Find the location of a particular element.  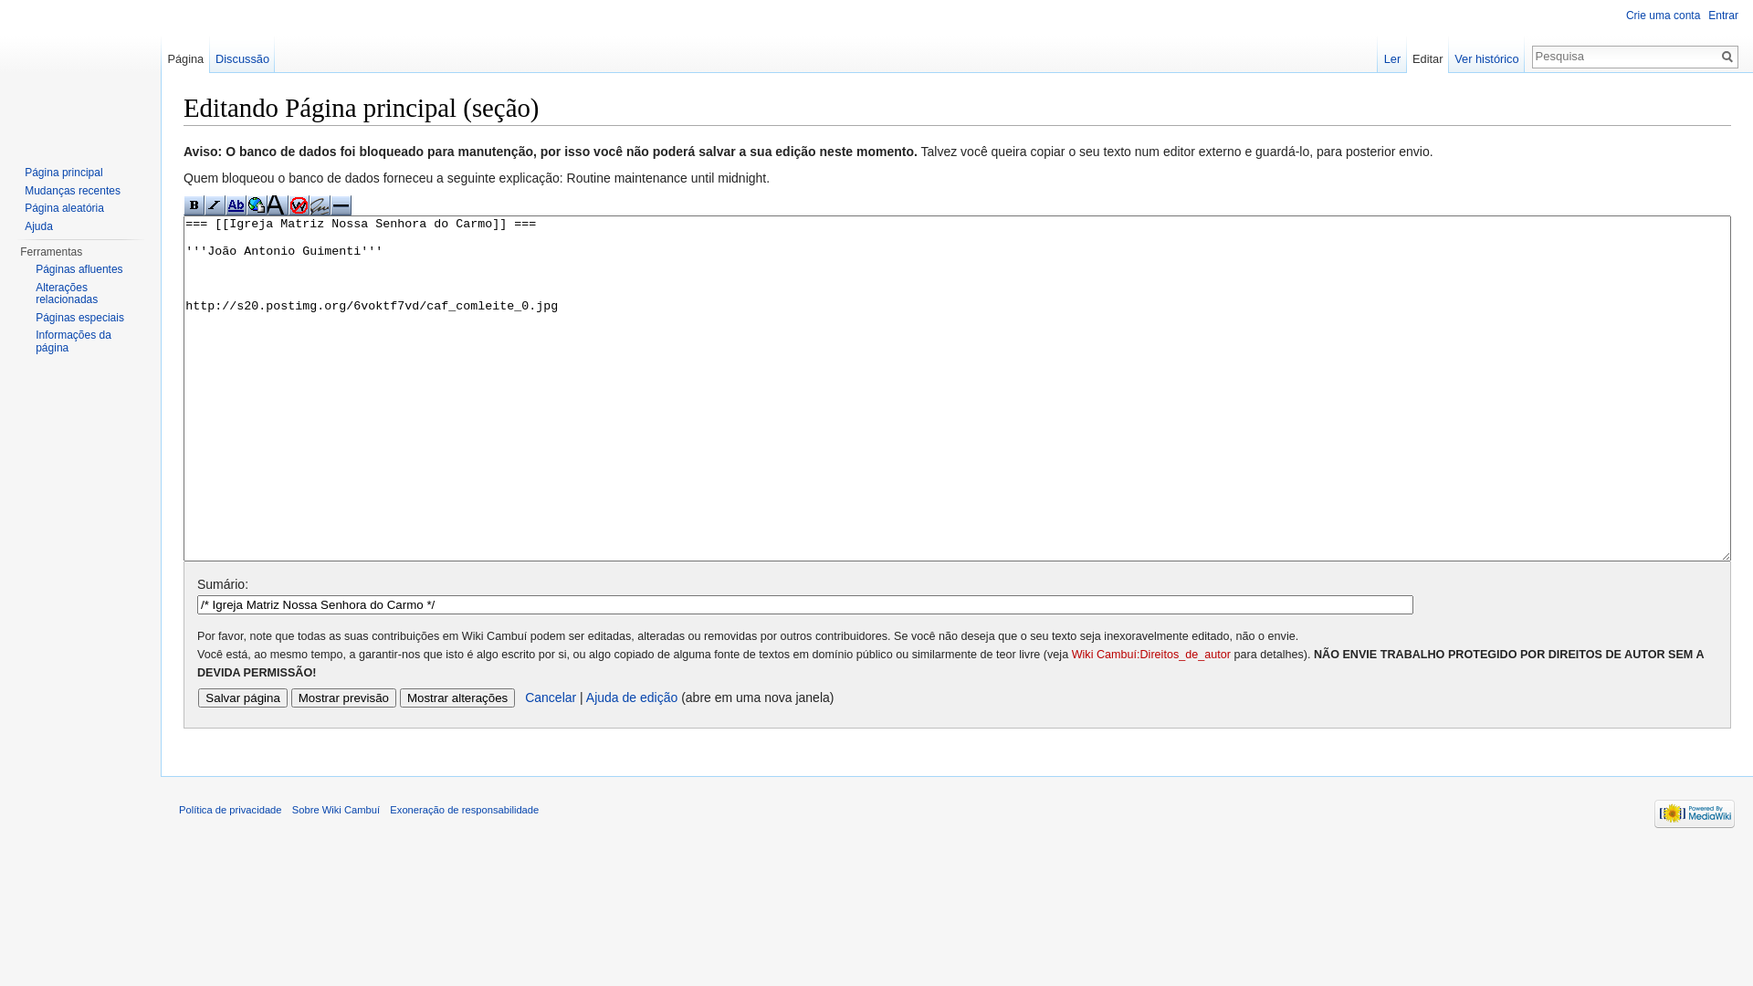

'Link interno' is located at coordinates (235, 205).